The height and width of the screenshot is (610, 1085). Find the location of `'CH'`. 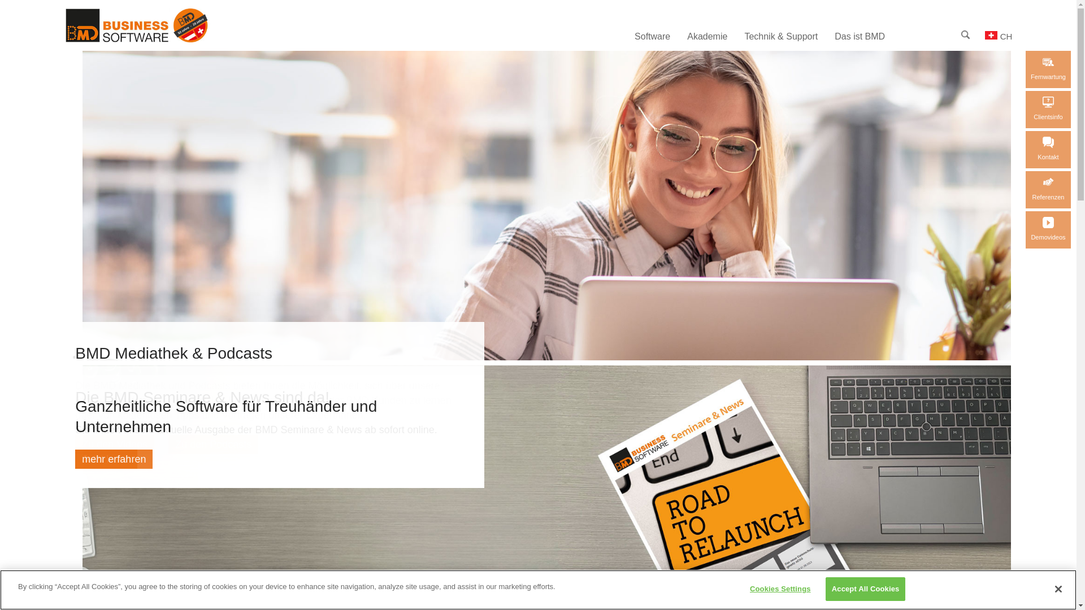

'CH' is located at coordinates (998, 36).